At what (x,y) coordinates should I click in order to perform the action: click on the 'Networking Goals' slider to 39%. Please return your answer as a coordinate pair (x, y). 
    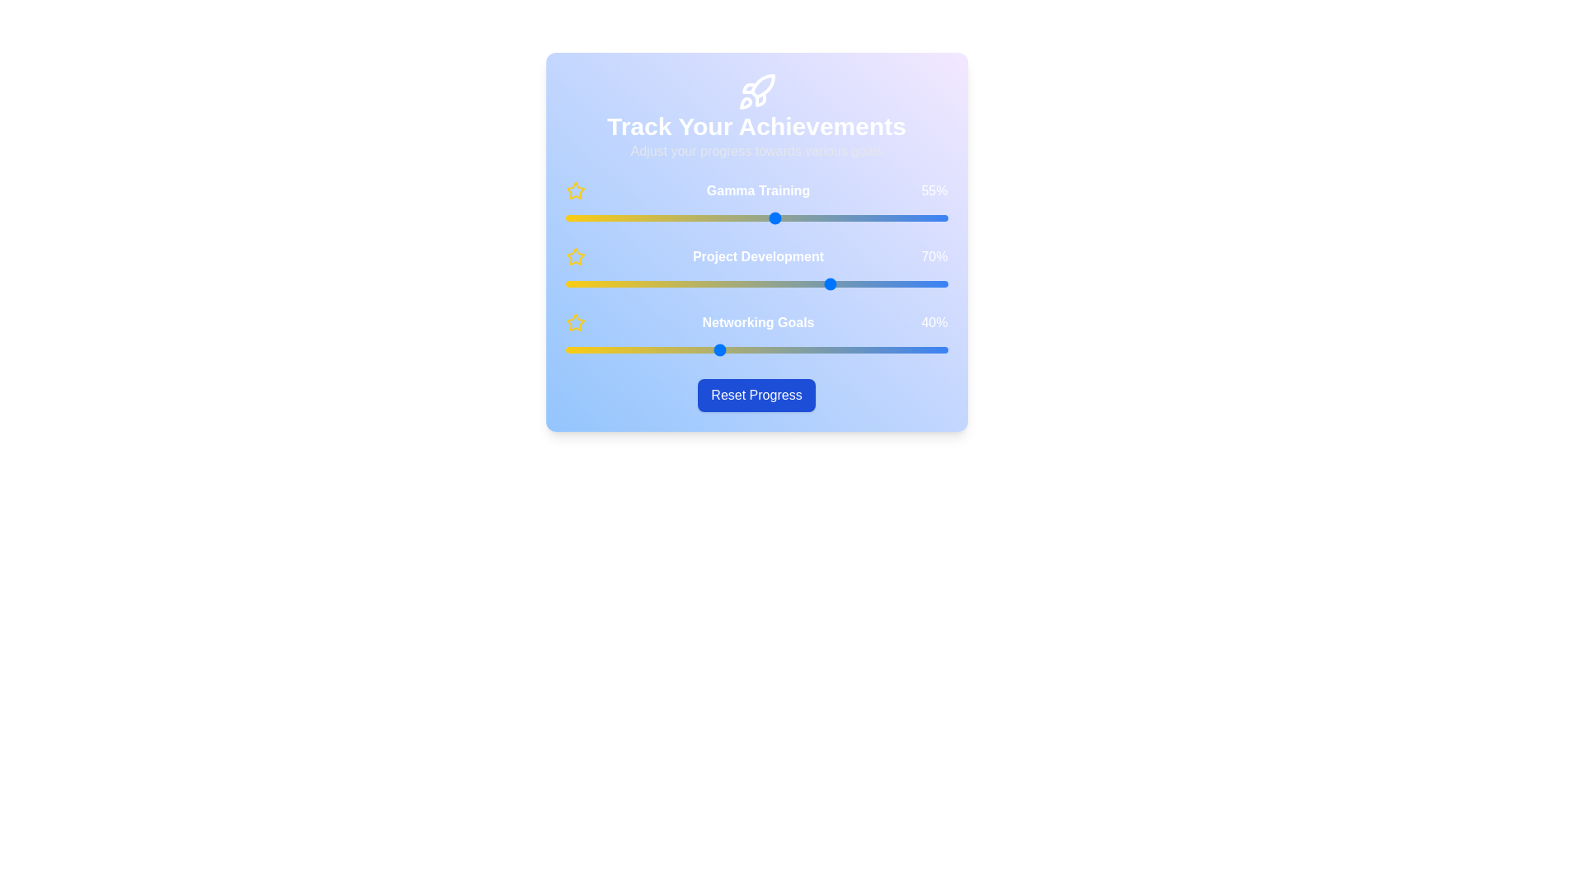
    Looking at the image, I should click on (714, 349).